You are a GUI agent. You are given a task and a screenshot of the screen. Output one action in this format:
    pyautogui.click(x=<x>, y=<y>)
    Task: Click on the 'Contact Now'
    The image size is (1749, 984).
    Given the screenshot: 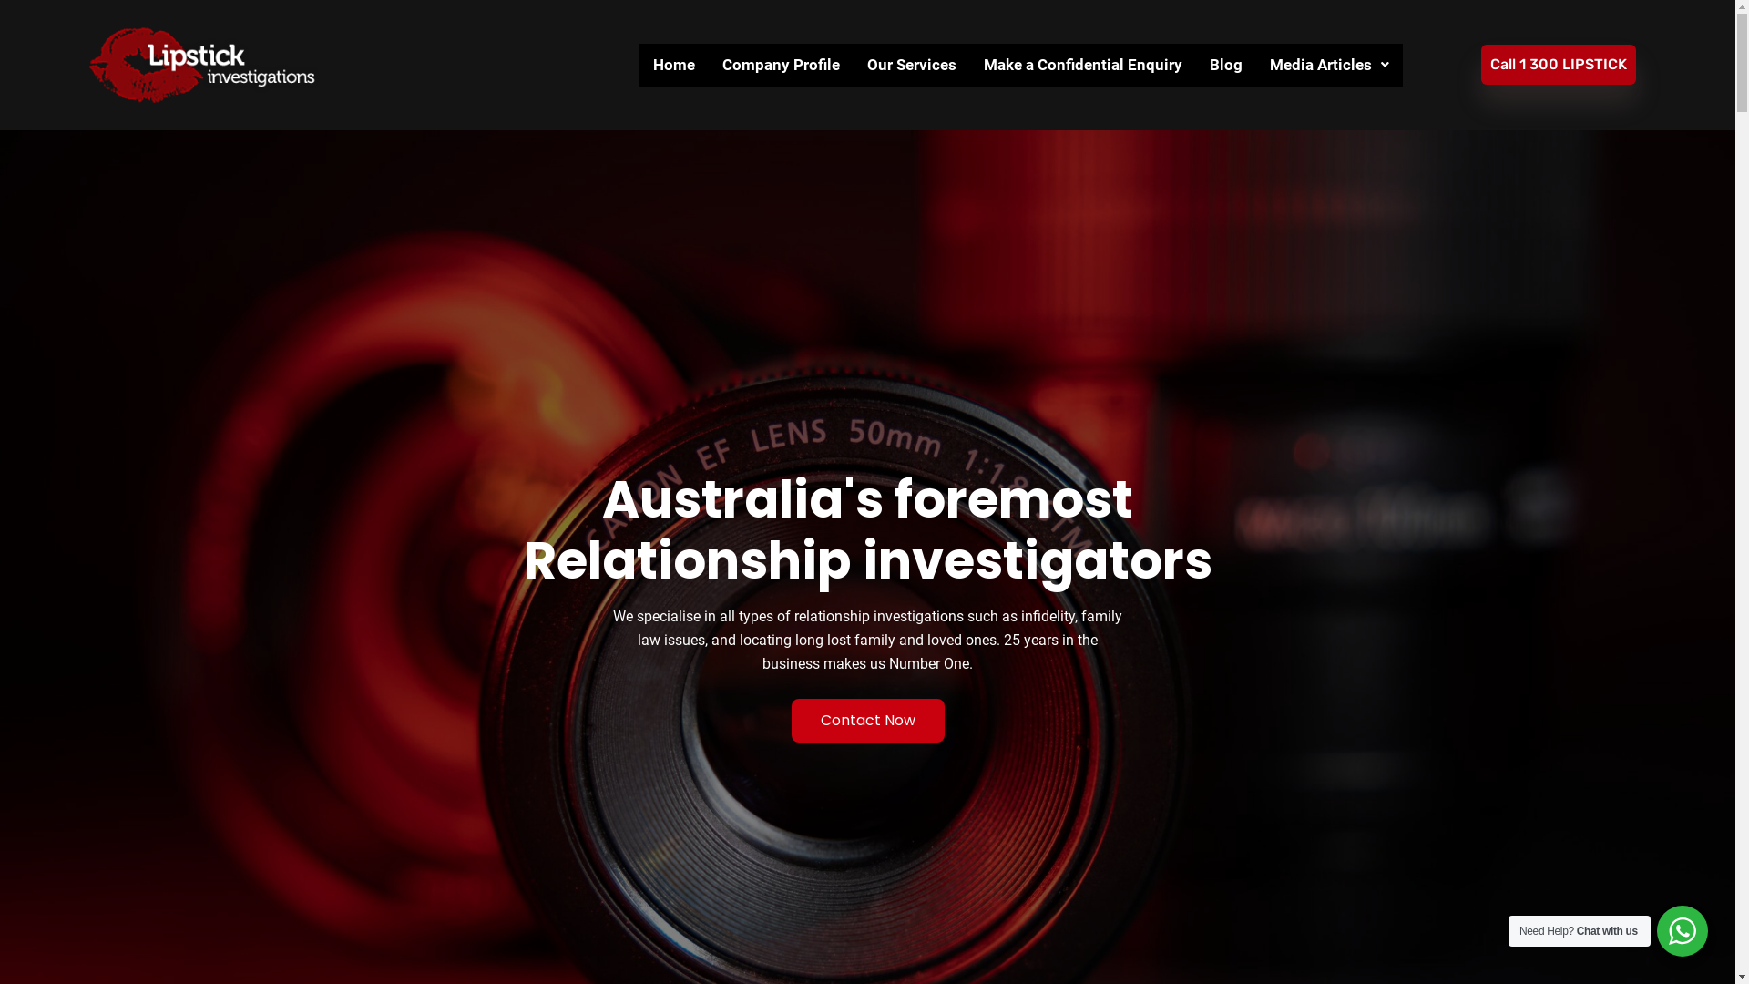 What is the action you would take?
    pyautogui.click(x=865, y=719)
    